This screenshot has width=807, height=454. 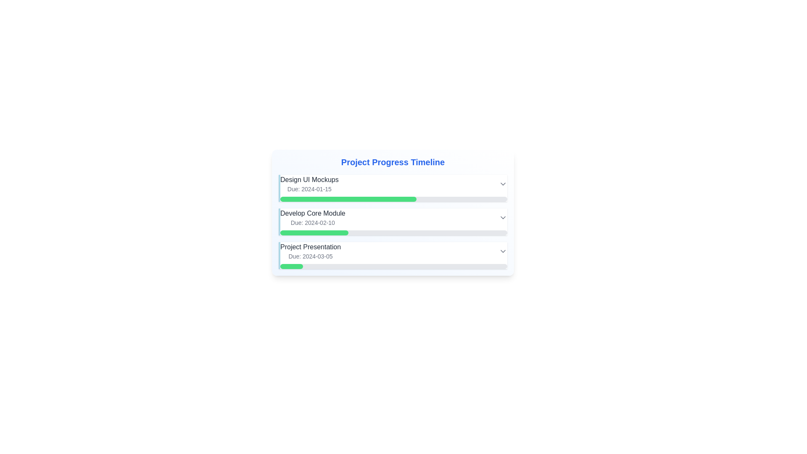 What do you see at coordinates (503, 217) in the screenshot?
I see `the dropdown trigger icon located on the far right side of the 'Develop Core Module' task row` at bounding box center [503, 217].